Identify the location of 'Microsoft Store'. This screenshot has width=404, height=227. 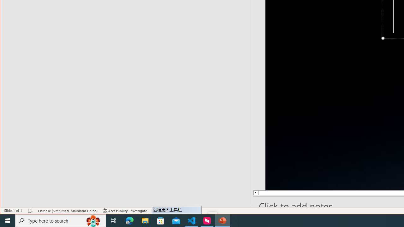
(161, 220).